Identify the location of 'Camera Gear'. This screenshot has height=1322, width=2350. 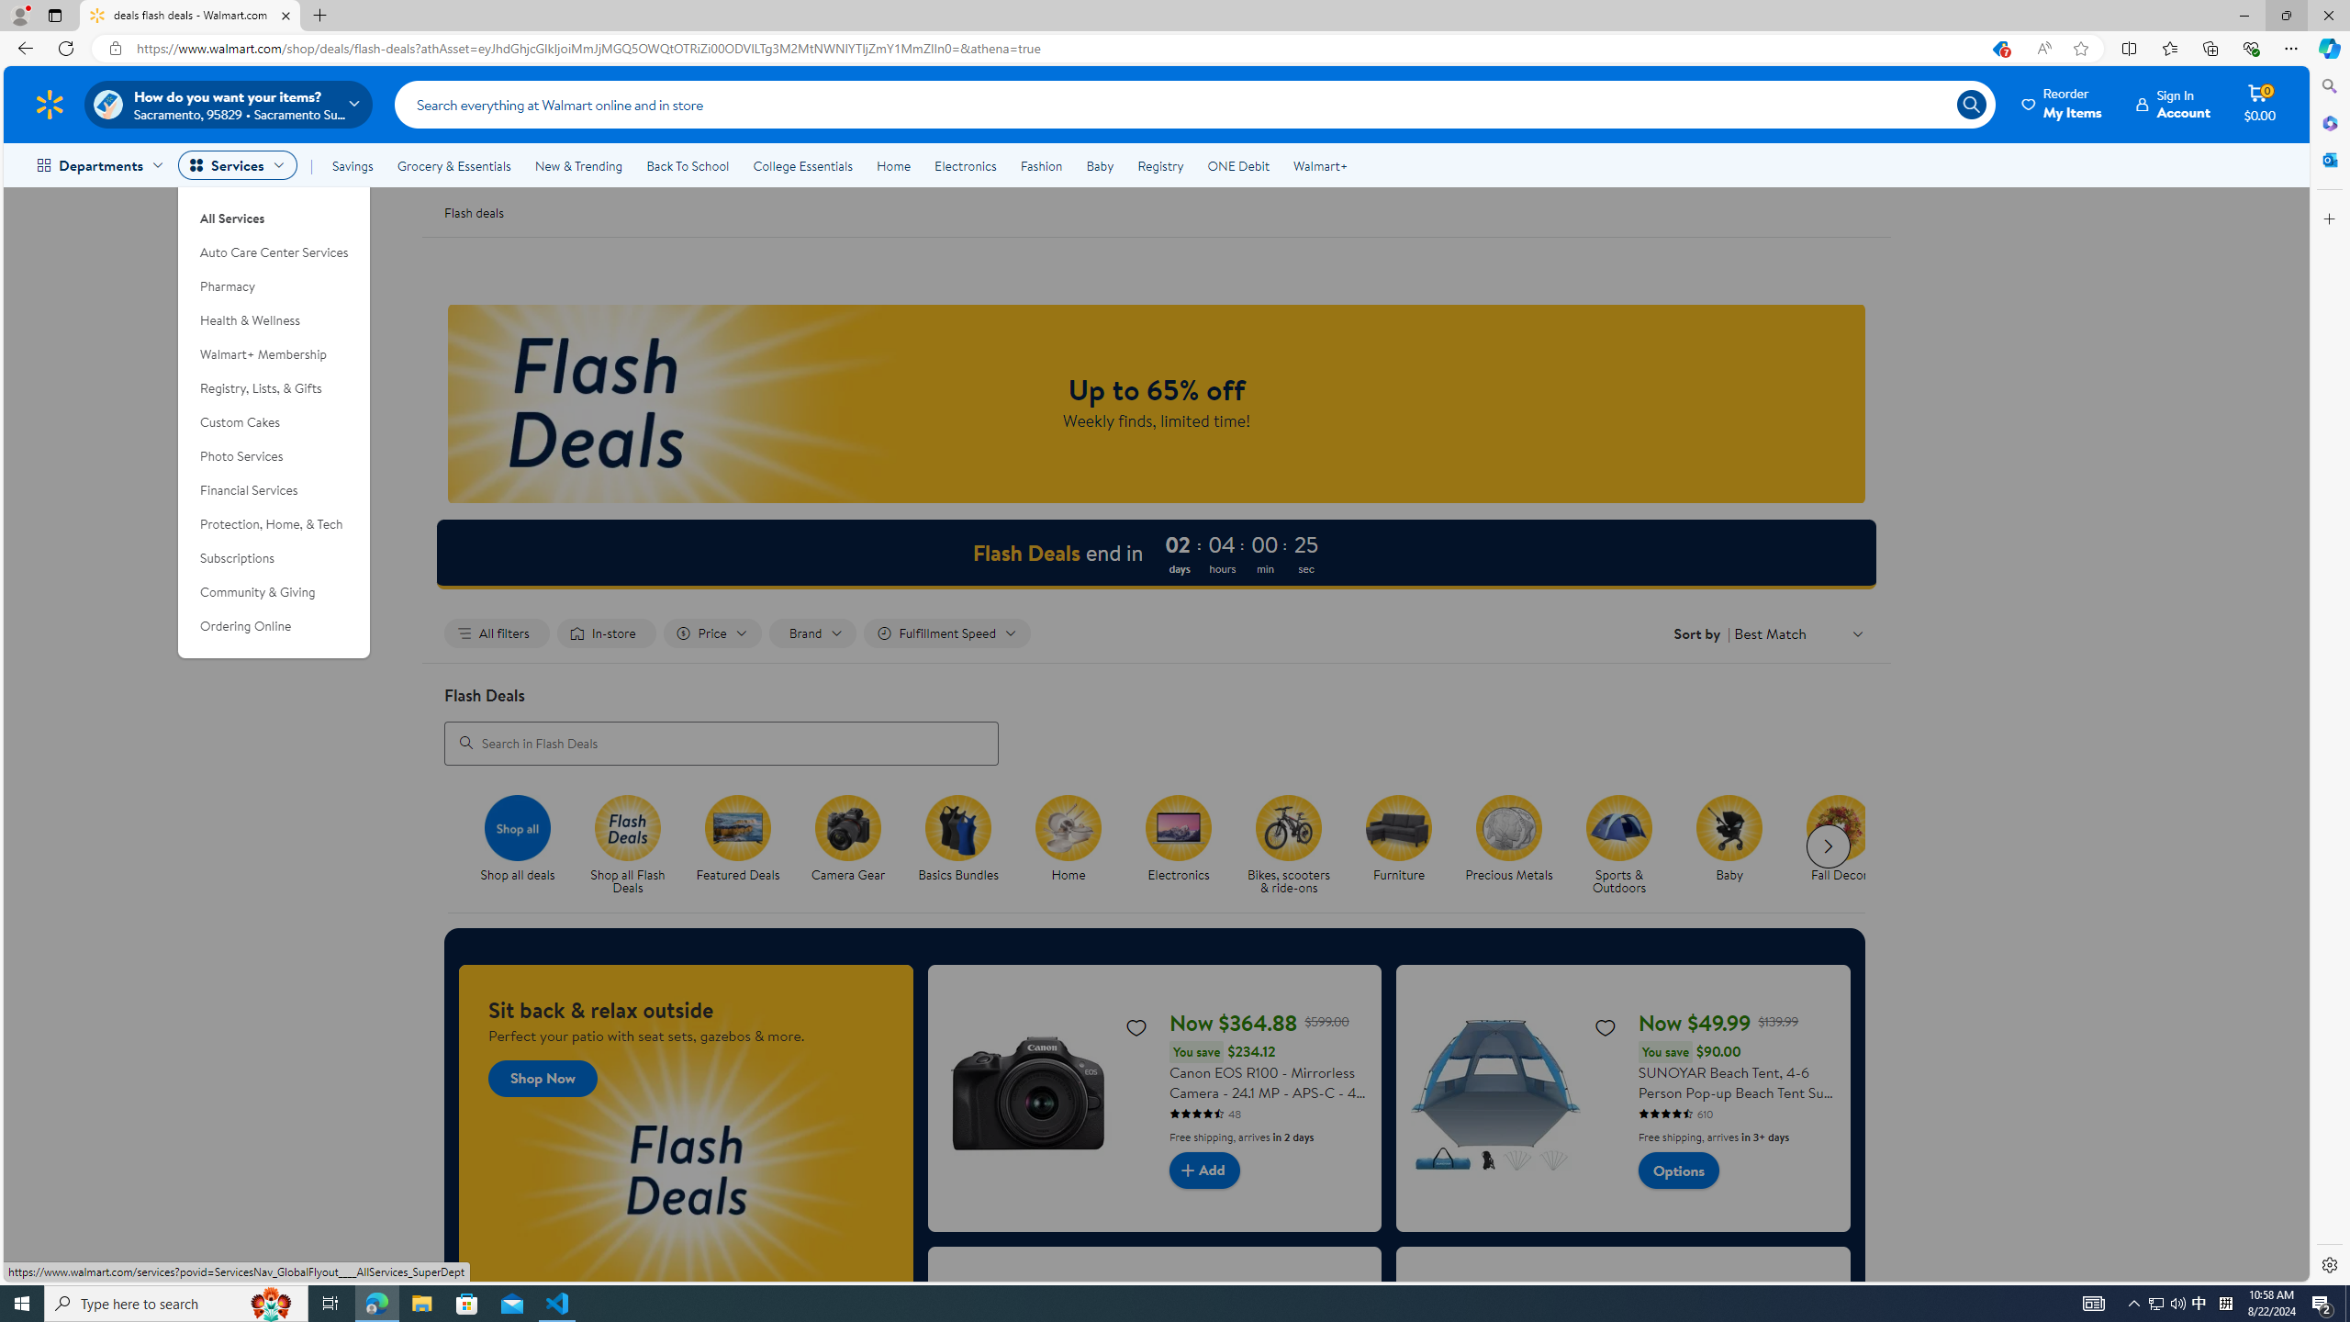
(856, 845).